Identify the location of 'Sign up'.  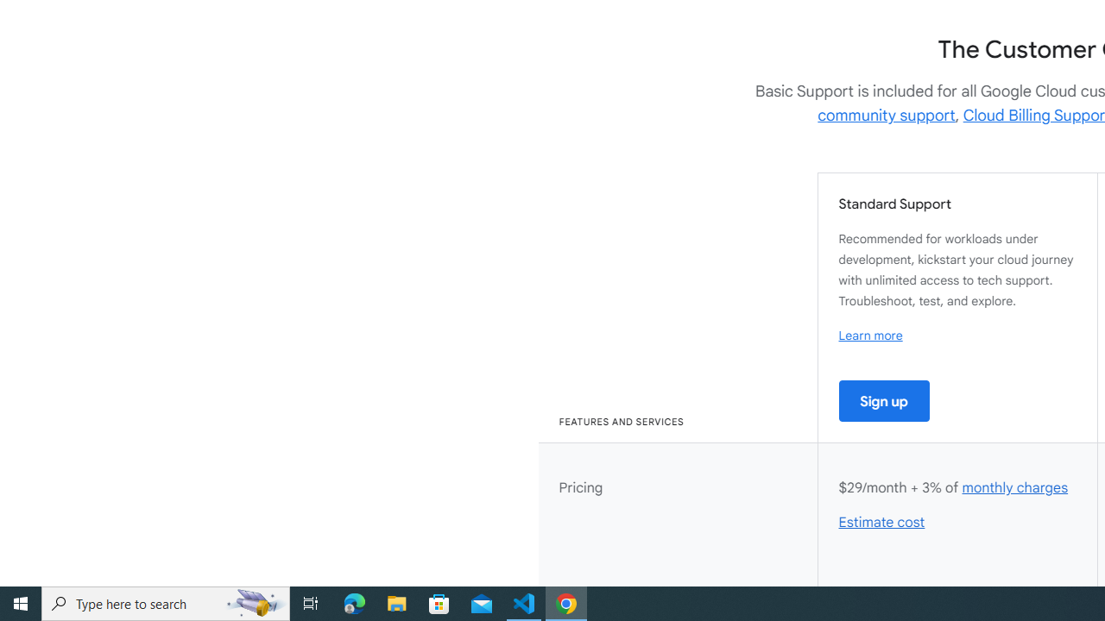
(884, 400).